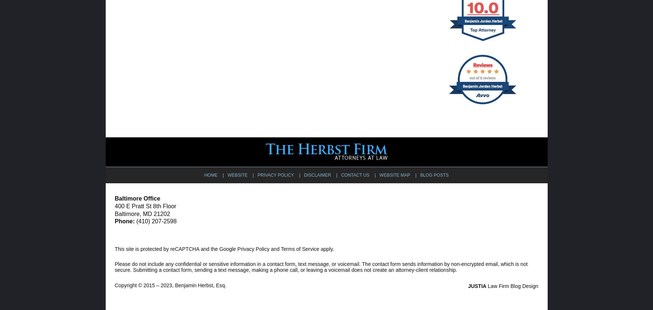 This screenshot has height=310, width=653. Describe the element at coordinates (114, 285) in the screenshot. I see `'Copyright ©'` at that location.